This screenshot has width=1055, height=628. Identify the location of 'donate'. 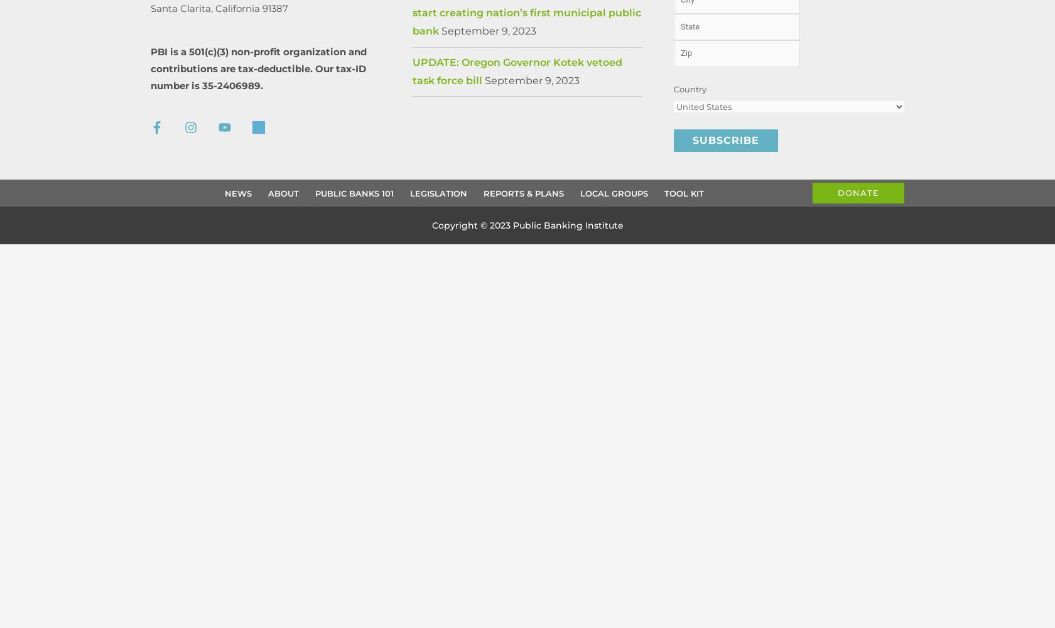
(858, 193).